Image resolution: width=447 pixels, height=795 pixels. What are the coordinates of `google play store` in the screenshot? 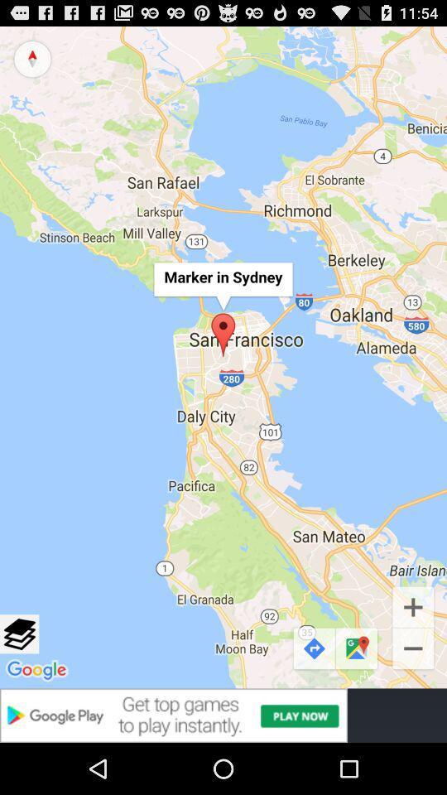 It's located at (223, 715).